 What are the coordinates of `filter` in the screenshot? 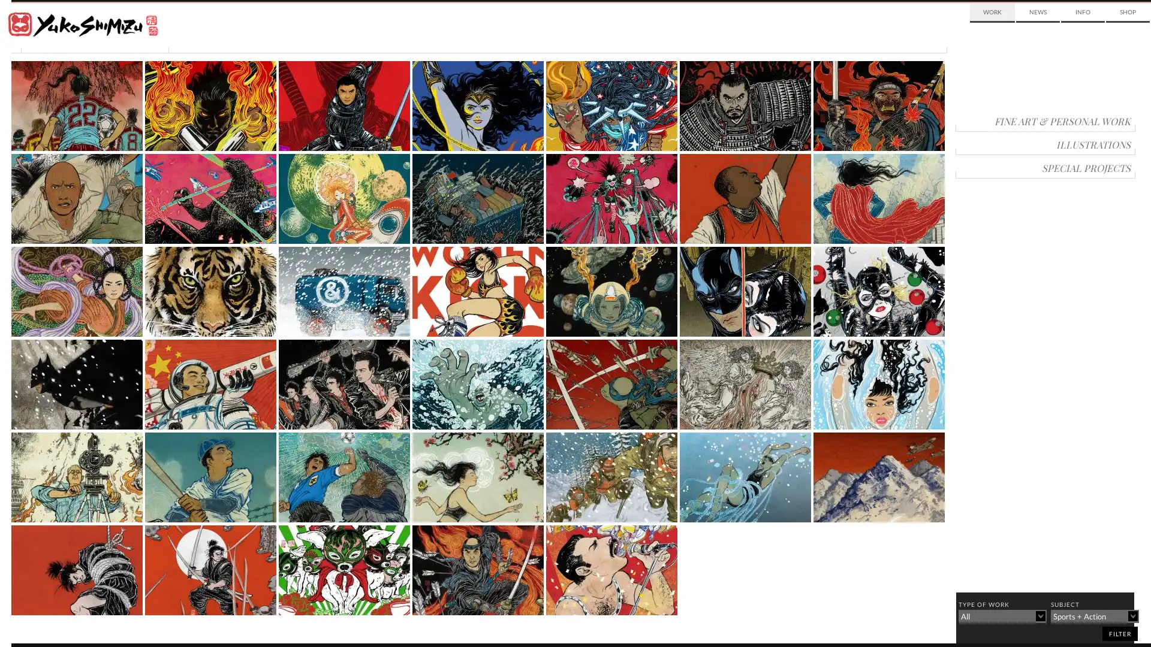 It's located at (1119, 632).